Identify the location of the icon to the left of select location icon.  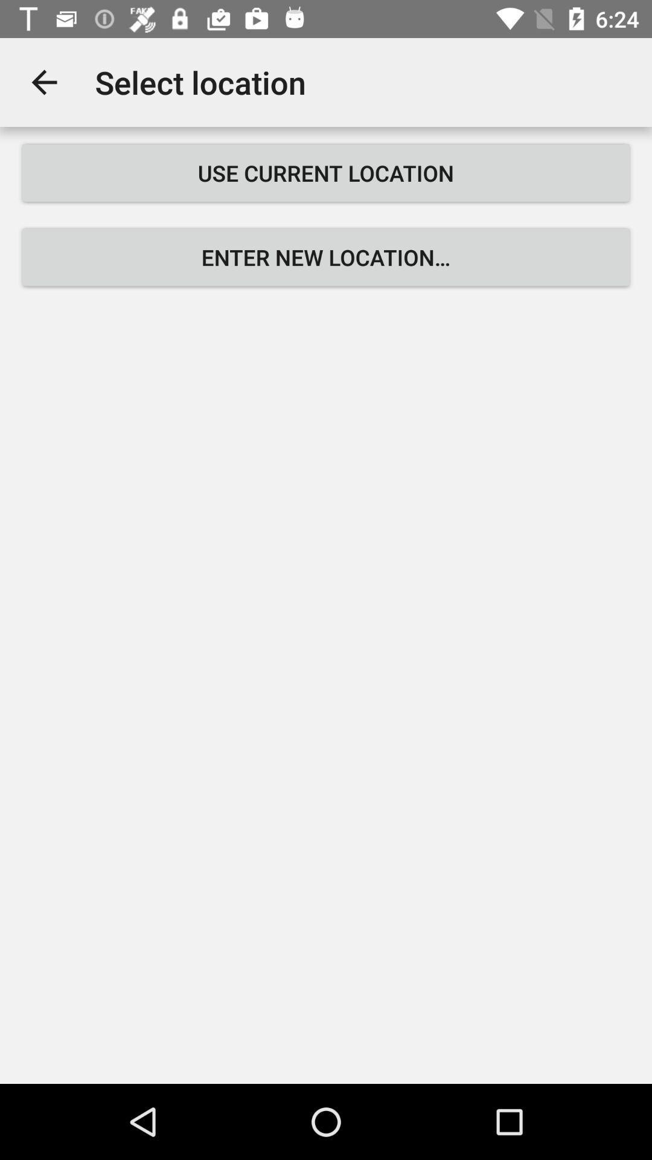
(43, 82).